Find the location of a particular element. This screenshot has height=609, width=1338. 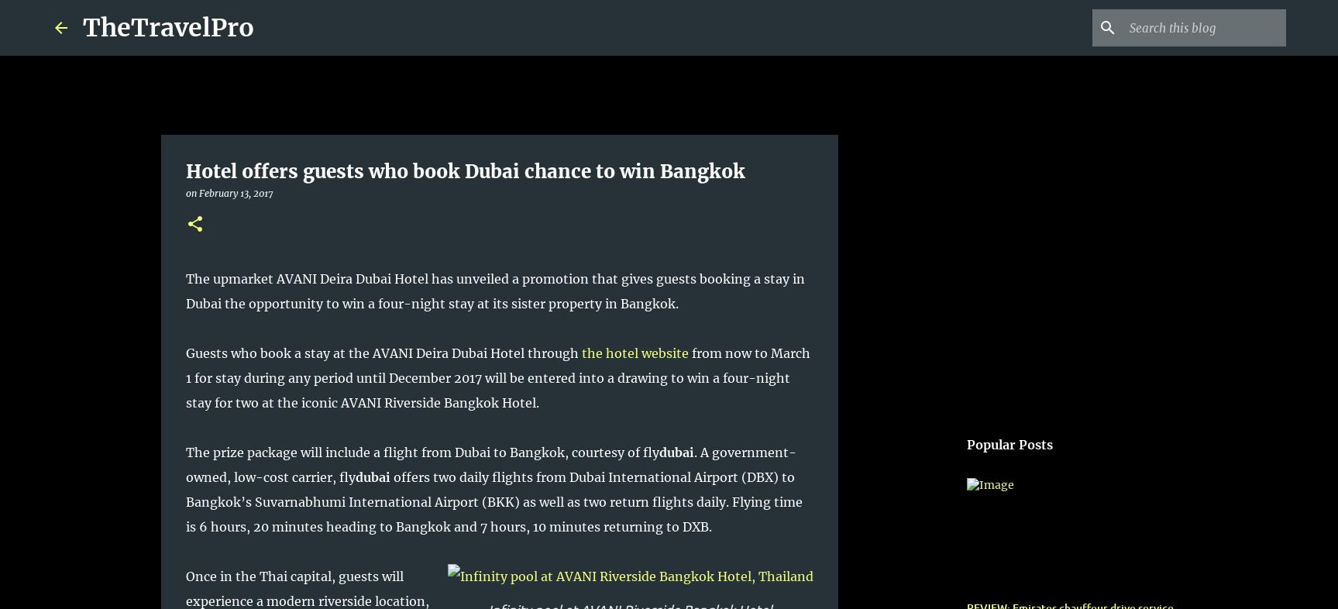

'The upmarket AVANI Deira Dubai Hotel has unveiled a promotion that gives guests booking a stay in Dubai the opportunity to win a four-night stay at its sister property in Bangkok.' is located at coordinates (494, 291).